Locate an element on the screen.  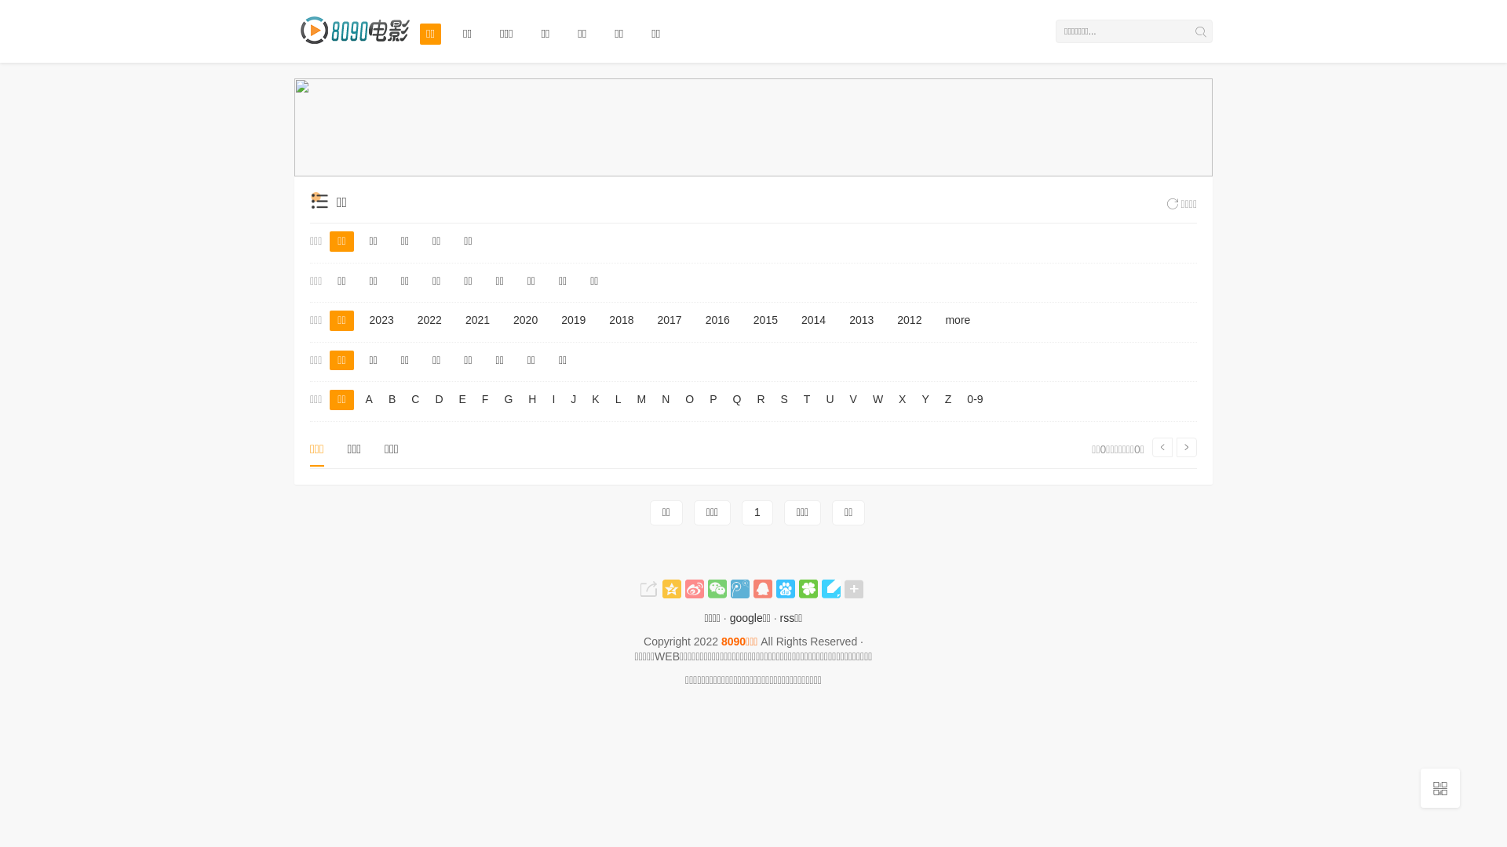
'I' is located at coordinates (553, 398).